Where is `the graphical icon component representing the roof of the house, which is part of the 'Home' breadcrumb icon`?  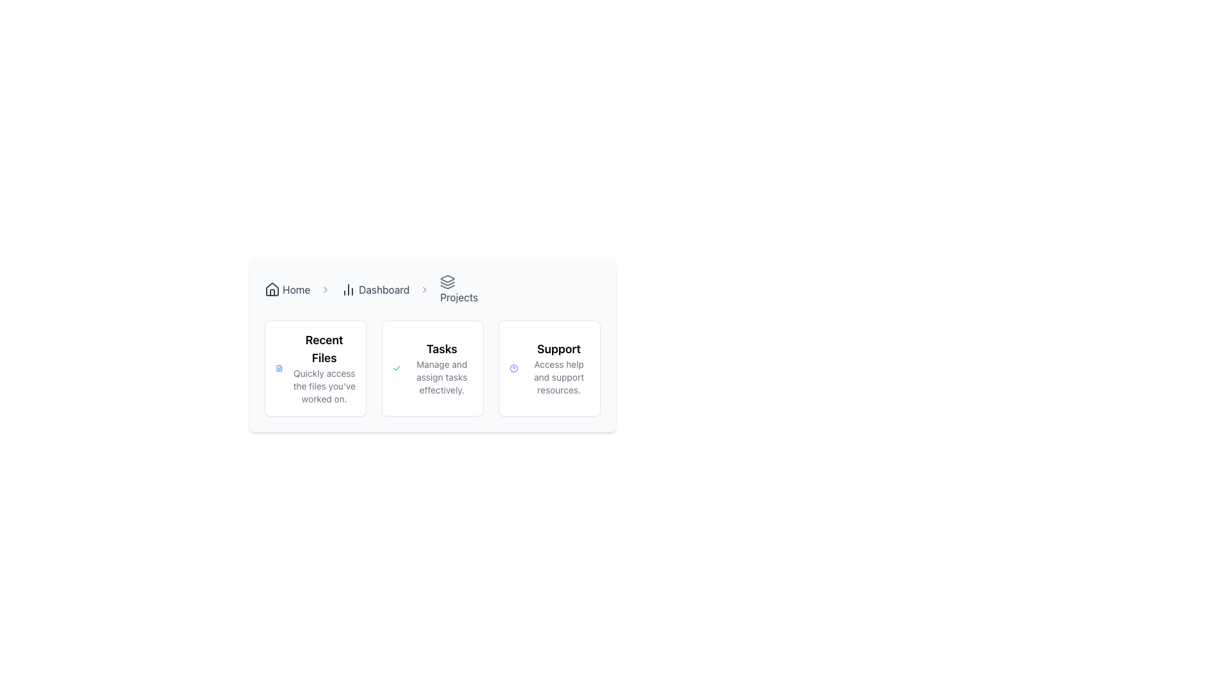
the graphical icon component representing the roof of the house, which is part of the 'Home' breadcrumb icon is located at coordinates (272, 289).